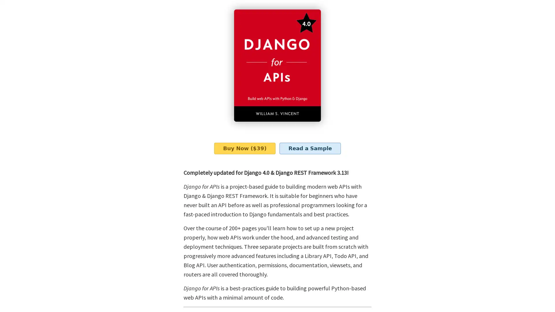 The width and height of the screenshot is (555, 312). Describe the element at coordinates (310, 148) in the screenshot. I see `Read a Sample` at that location.